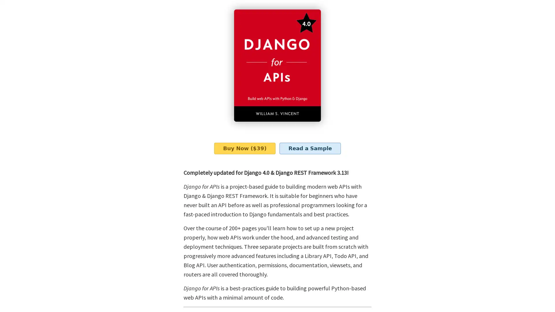 The width and height of the screenshot is (555, 312). Describe the element at coordinates (310, 148) in the screenshot. I see `Read a Sample` at that location.